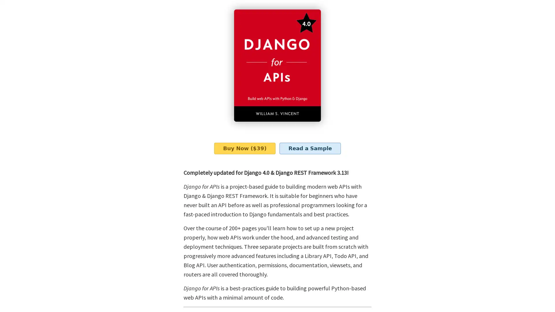 The width and height of the screenshot is (555, 312). Describe the element at coordinates (310, 148) in the screenshot. I see `Read a Sample` at that location.